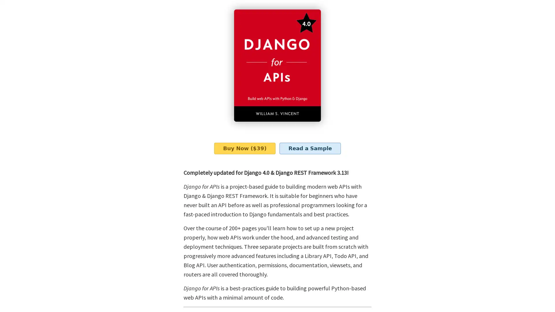 The width and height of the screenshot is (555, 312). Describe the element at coordinates (310, 148) in the screenshot. I see `Read a Sample` at that location.